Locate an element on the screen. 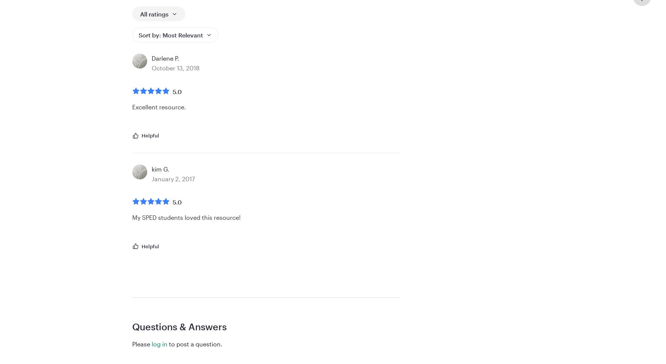 This screenshot has height=364, width=666. 'October 13, 2018' is located at coordinates (152, 67).